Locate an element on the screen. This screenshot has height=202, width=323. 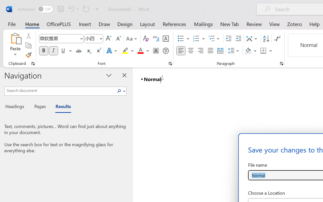
'Text Effects and Typography' is located at coordinates (112, 51).